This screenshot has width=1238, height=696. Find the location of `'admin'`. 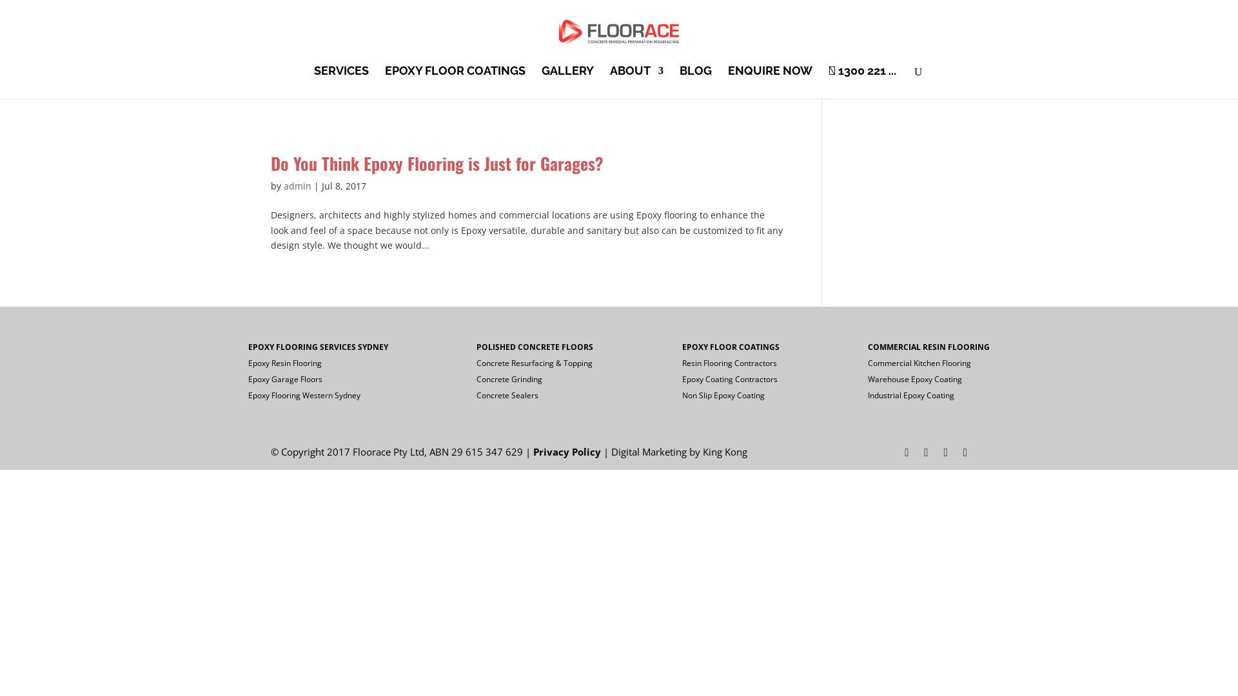

'admin' is located at coordinates (297, 186).